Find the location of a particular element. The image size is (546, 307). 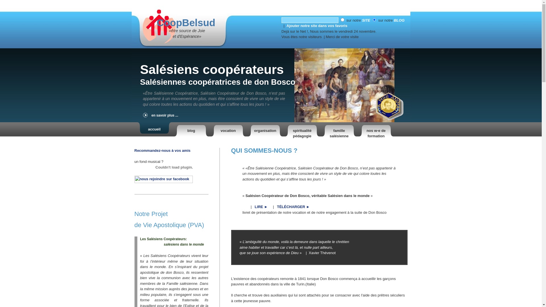

'nos w-e de is located at coordinates (376, 129).